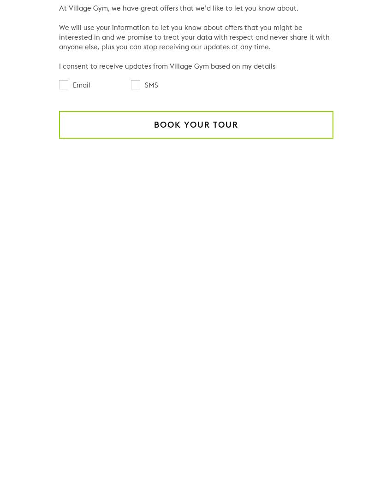  I want to click on 'Yes, our gym in Warrington has a 23m heated indoor', so click(171, 265).